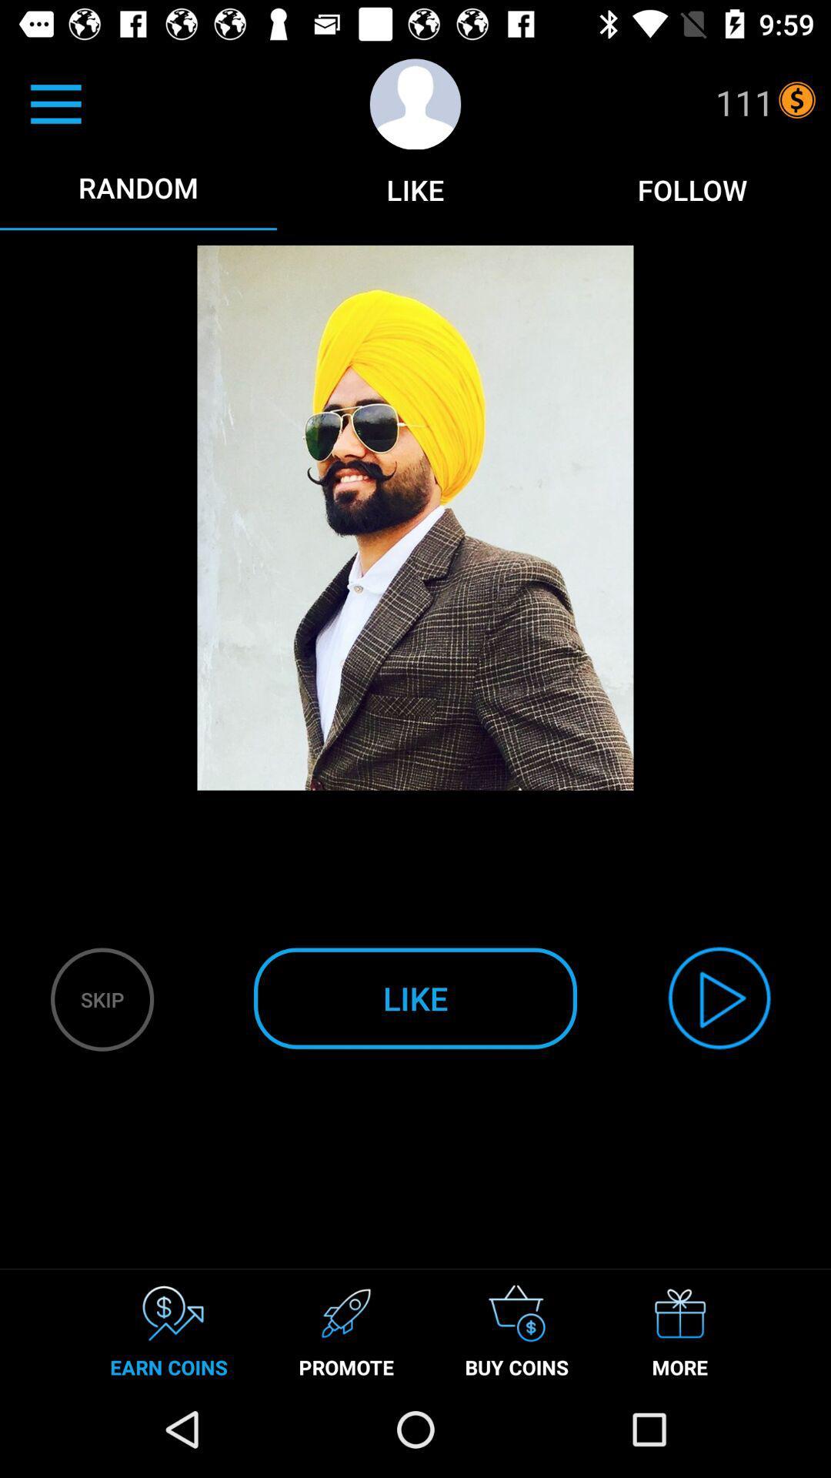  Describe the element at coordinates (719, 998) in the screenshot. I see `the play icon` at that location.